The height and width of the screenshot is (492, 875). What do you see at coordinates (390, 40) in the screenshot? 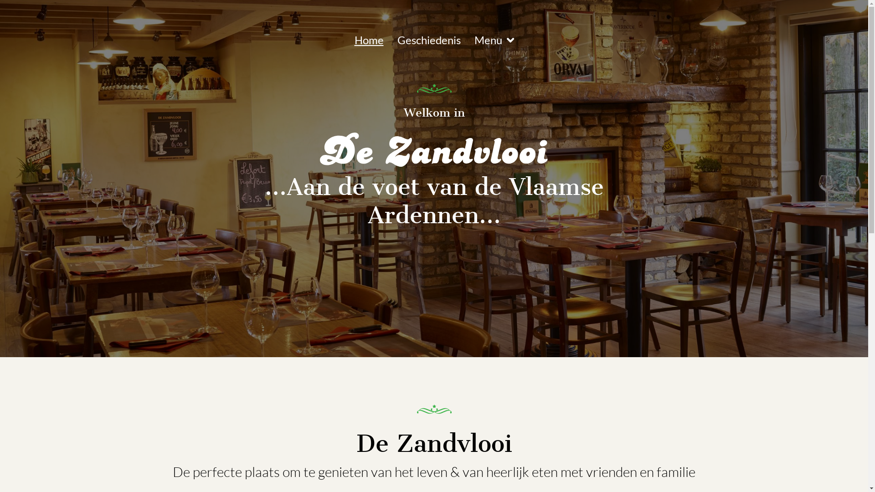
I see `'Geschiedenis'` at bounding box center [390, 40].